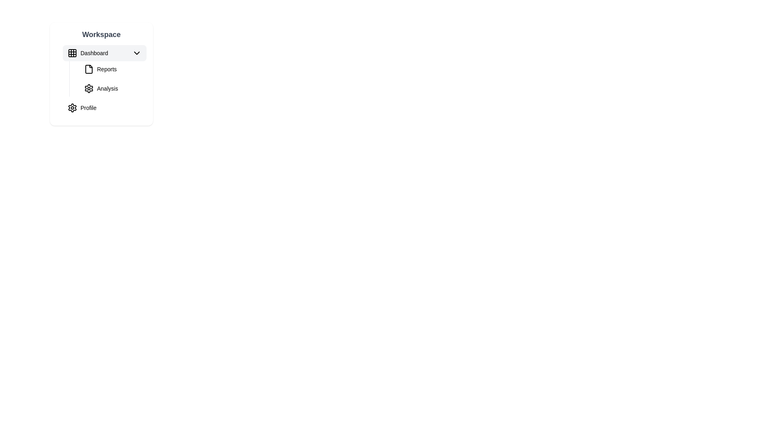  What do you see at coordinates (137, 53) in the screenshot?
I see `the downward-facing chevron icon located to the right of the 'Dashboard' text in the navigational list to trigger a tooltip or visual effect` at bounding box center [137, 53].